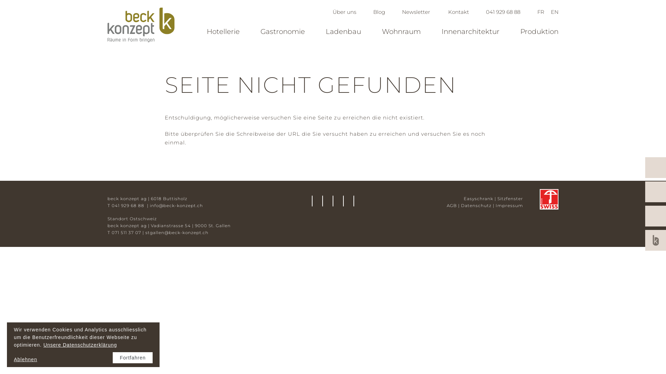 This screenshot has width=666, height=374. I want to click on 'AGB', so click(452, 205).